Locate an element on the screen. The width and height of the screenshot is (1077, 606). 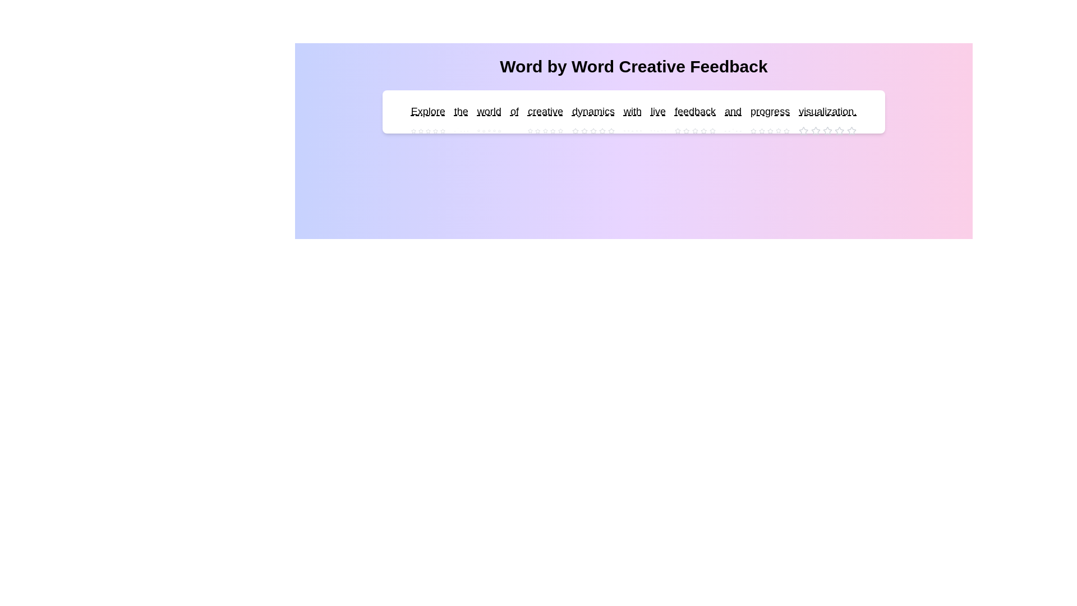
the word 'progress' to see its interactive area is located at coordinates (770, 112).